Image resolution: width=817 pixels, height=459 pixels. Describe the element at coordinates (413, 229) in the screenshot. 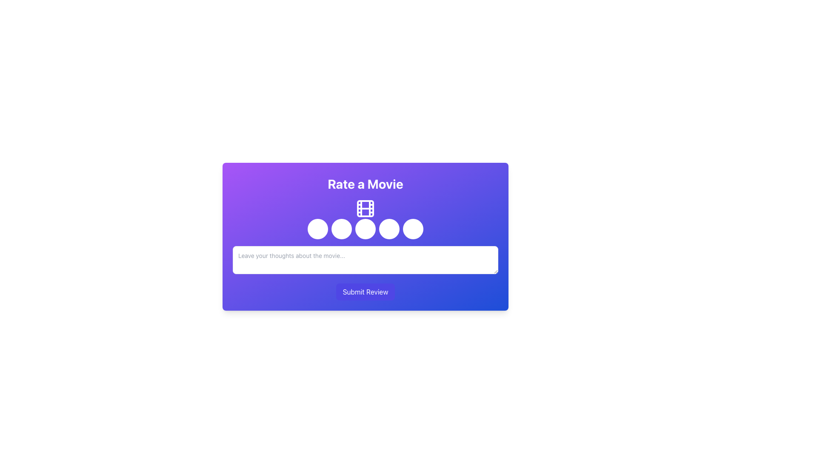

I see `the last rating button in the set of five buttons located below the 'Rate a Movie' title for a visual effect` at that location.